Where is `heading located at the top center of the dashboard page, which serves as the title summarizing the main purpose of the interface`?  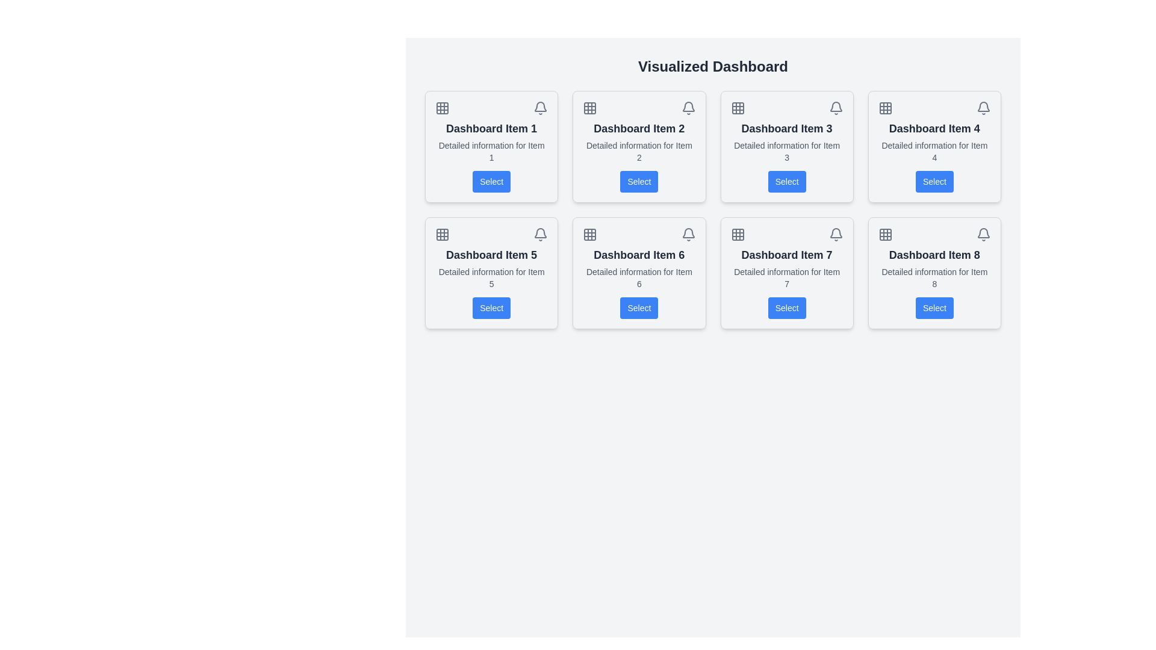
heading located at the top center of the dashboard page, which serves as the title summarizing the main purpose of the interface is located at coordinates (713, 67).